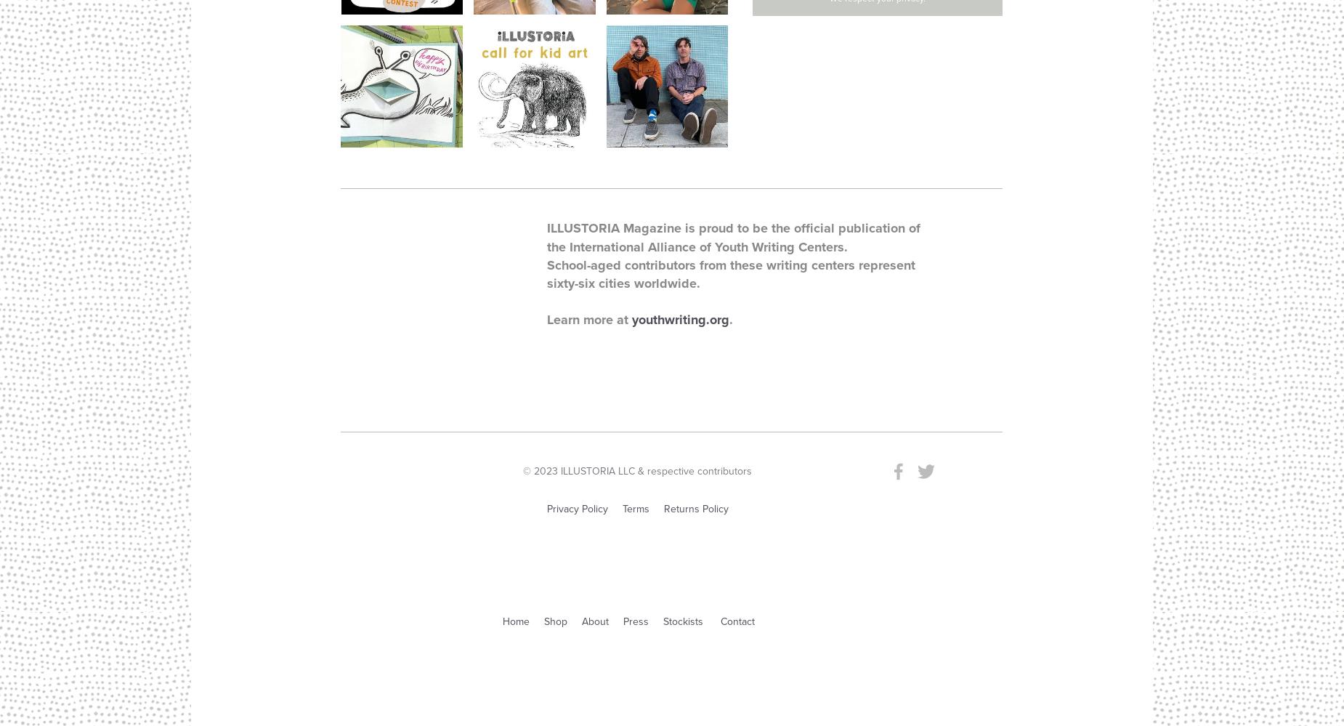 This screenshot has width=1344, height=726. Describe the element at coordinates (546, 318) in the screenshot. I see `'Learn more at'` at that location.